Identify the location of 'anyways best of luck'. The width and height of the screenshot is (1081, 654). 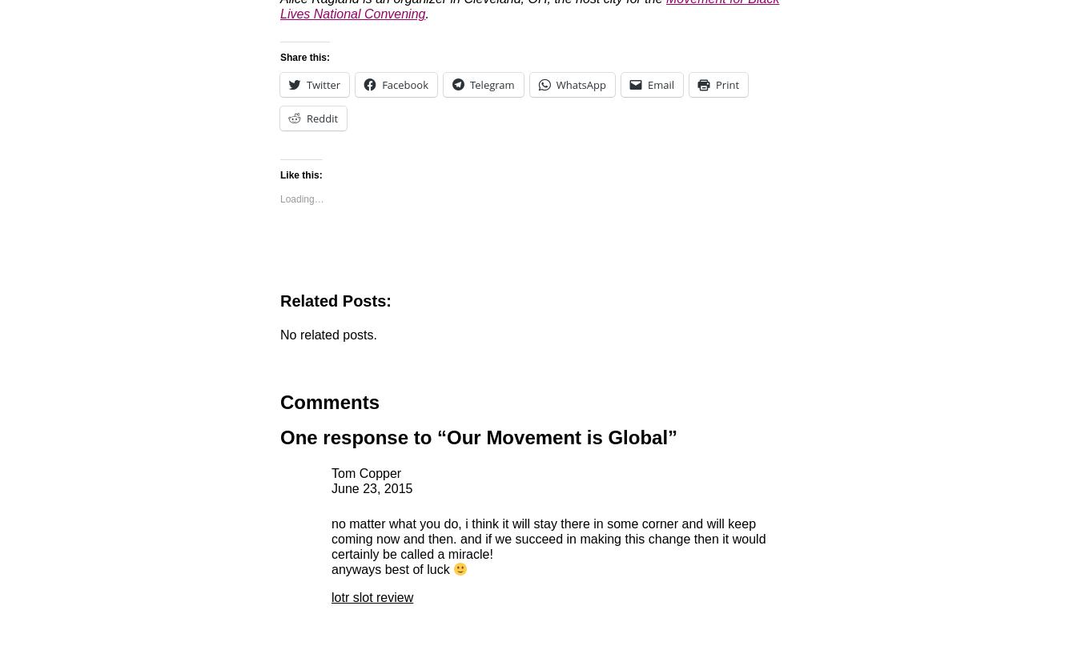
(392, 568).